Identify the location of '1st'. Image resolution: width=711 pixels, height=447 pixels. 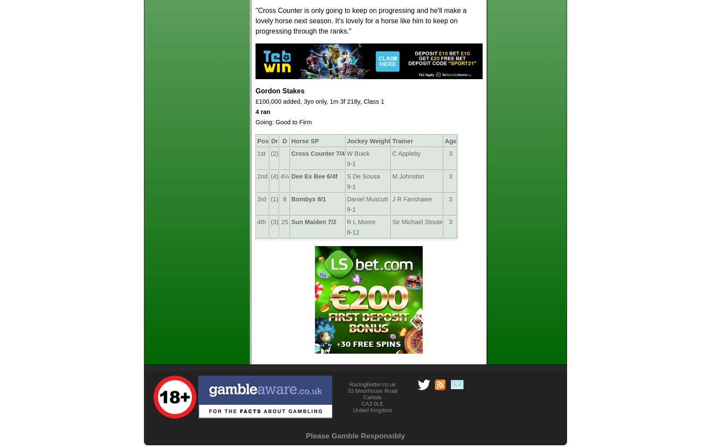
(261, 152).